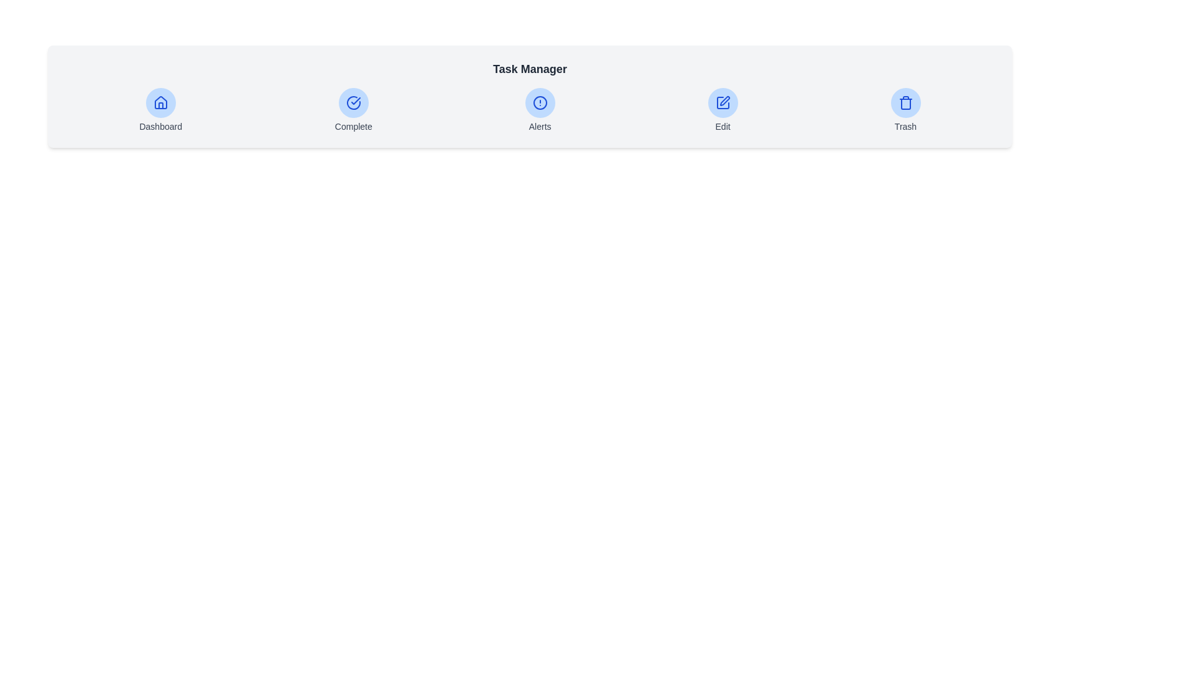 The image size is (1198, 674). I want to click on the 'Complete' icon located in the horizontal navigation bar, which is the second item from the left, so click(353, 110).